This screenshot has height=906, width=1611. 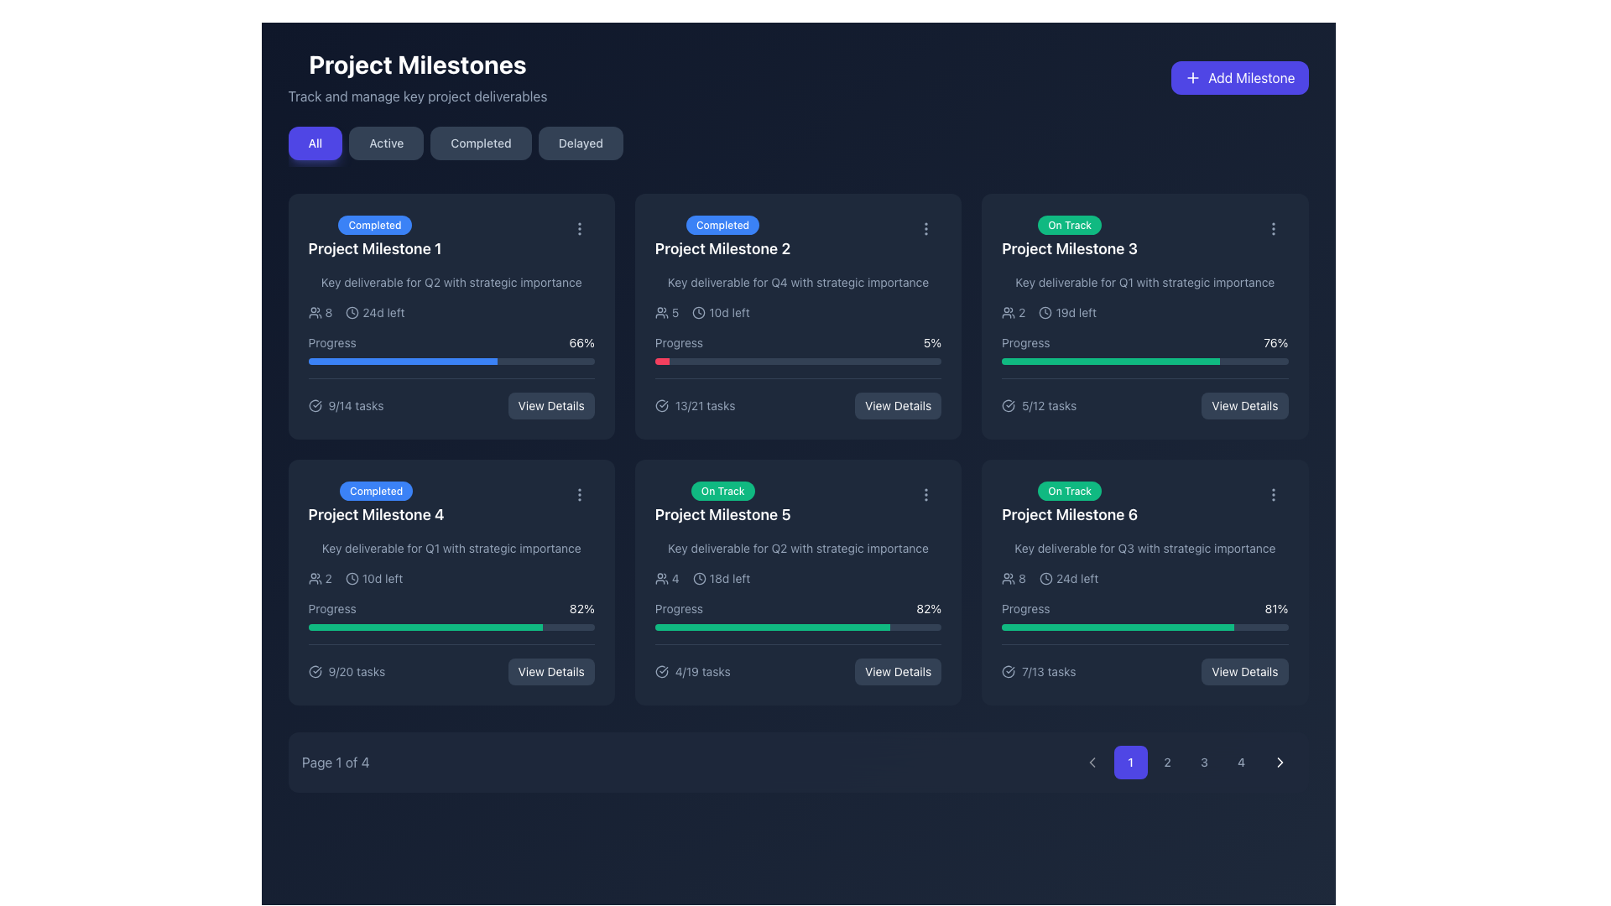 What do you see at coordinates (374, 313) in the screenshot?
I see `information displayed within the section showing a clock icon and the text '24d left', located in the top-left card of the project milestones grid` at bounding box center [374, 313].